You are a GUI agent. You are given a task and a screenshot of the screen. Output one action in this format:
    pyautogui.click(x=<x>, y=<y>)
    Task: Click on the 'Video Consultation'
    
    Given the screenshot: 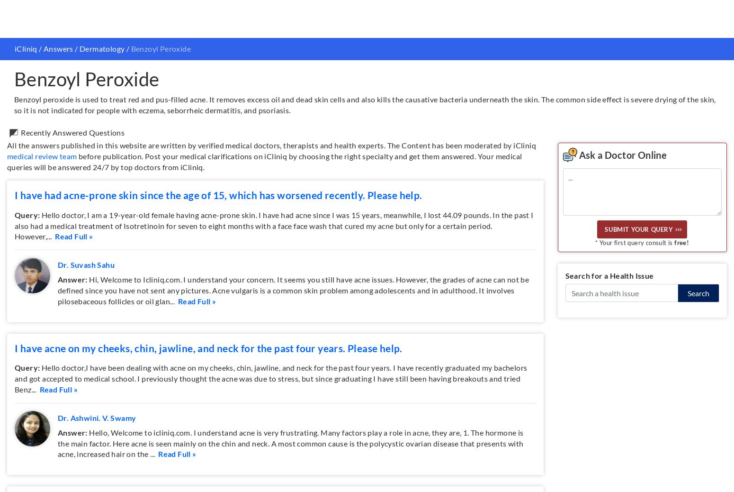 What is the action you would take?
    pyautogui.click(x=137, y=369)
    